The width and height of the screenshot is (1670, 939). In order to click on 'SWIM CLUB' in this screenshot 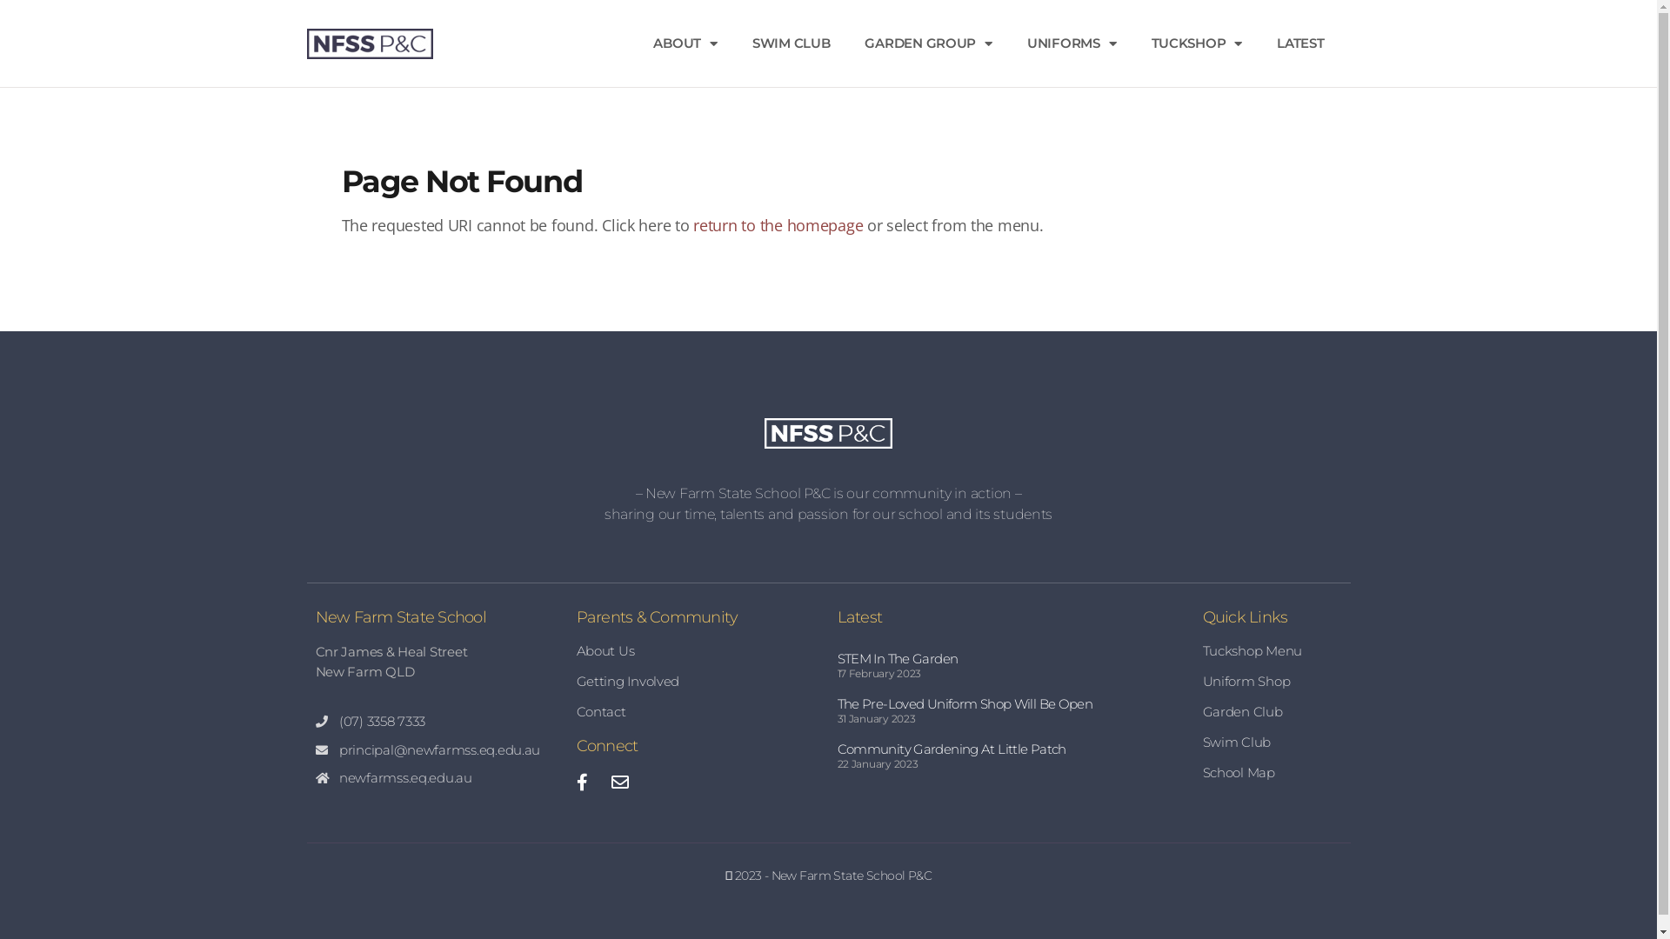, I will do `click(791, 43)`.